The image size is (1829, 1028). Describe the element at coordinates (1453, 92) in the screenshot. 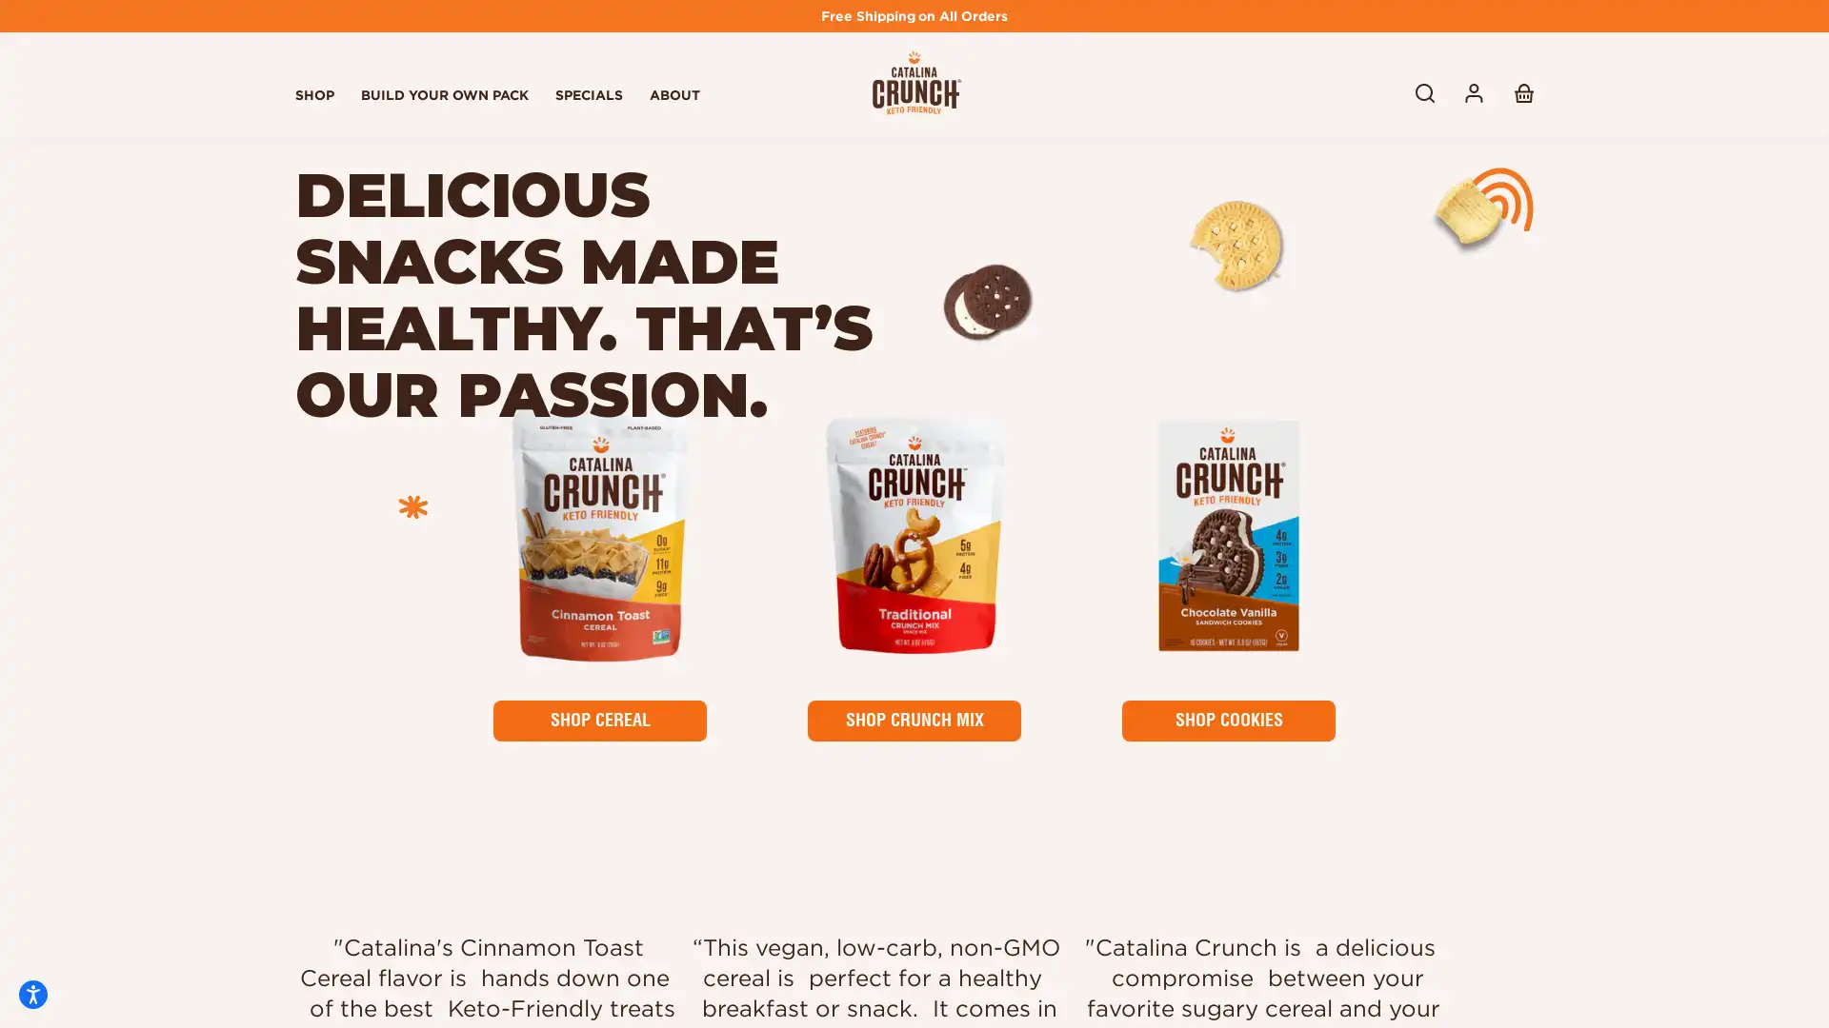

I see `Submit search` at that location.